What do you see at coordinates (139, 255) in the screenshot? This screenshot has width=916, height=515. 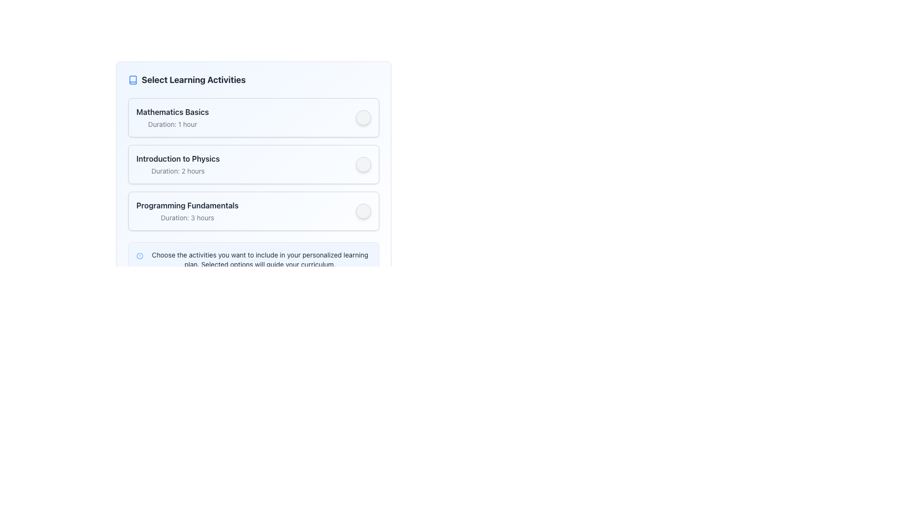 I see `the outermost circle of the alert or notification icon, which is the largest circular element in the SVG located to the left of a text block at the bottom of the user interface` at bounding box center [139, 255].